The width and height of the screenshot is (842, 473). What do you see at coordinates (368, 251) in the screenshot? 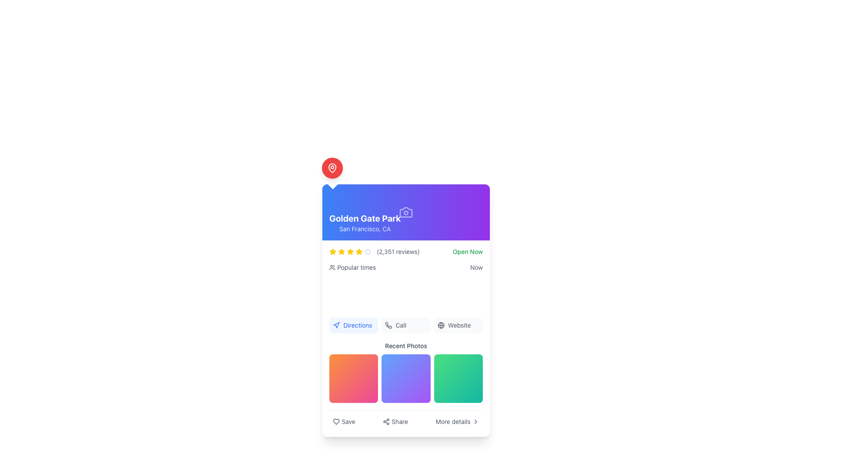
I see `the state of the star-shaped icon used for rating under the title 'Golden Gate Park' to check its rating indication` at bounding box center [368, 251].